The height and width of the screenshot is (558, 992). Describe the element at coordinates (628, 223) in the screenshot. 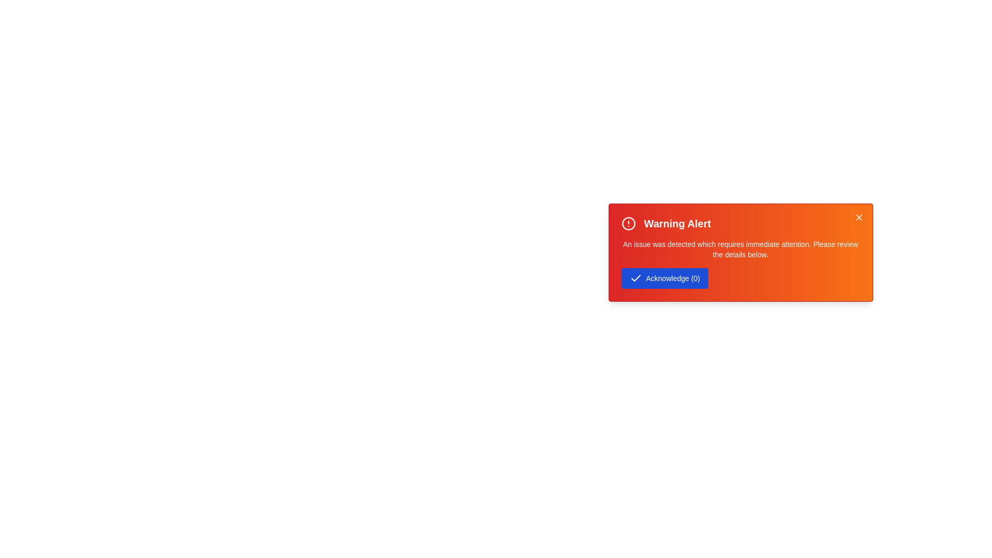

I see `the warning icon to trigger a visual feedback` at that location.